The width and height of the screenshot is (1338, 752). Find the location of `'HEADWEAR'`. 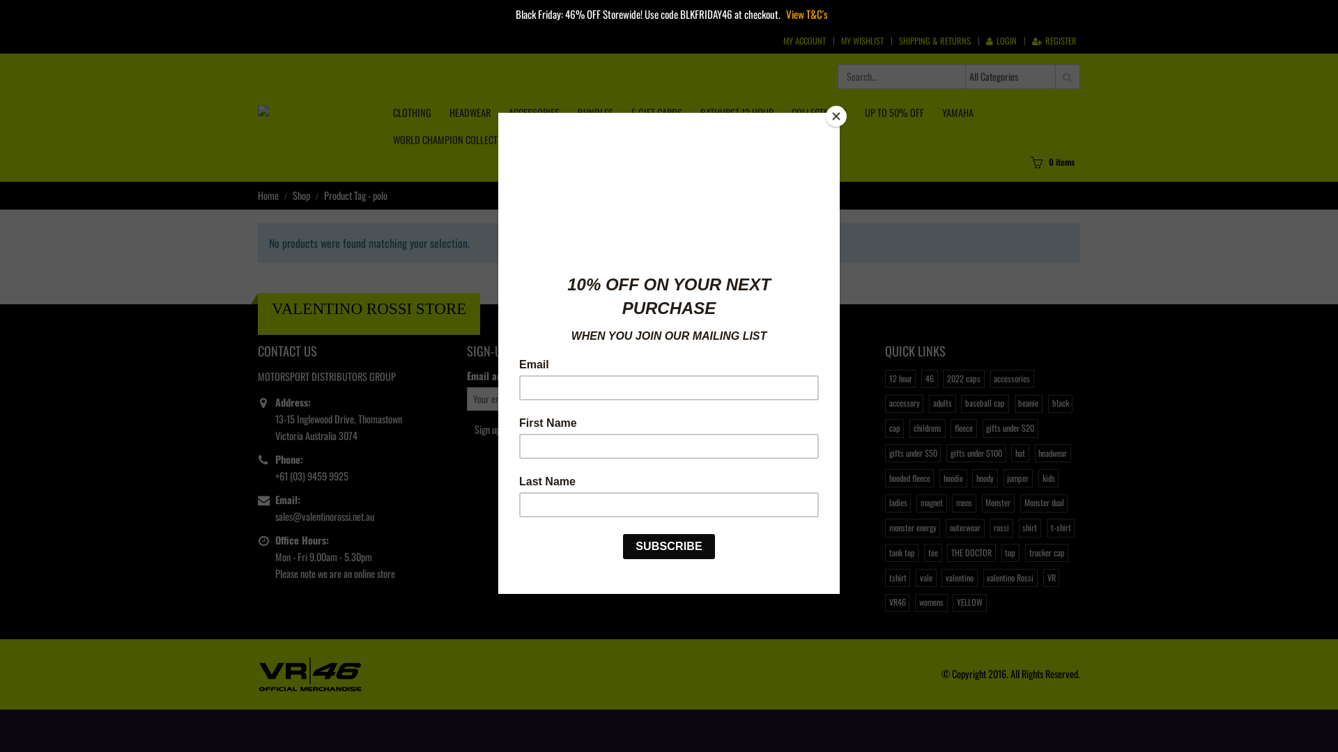

'HEADWEAR' is located at coordinates (440, 111).